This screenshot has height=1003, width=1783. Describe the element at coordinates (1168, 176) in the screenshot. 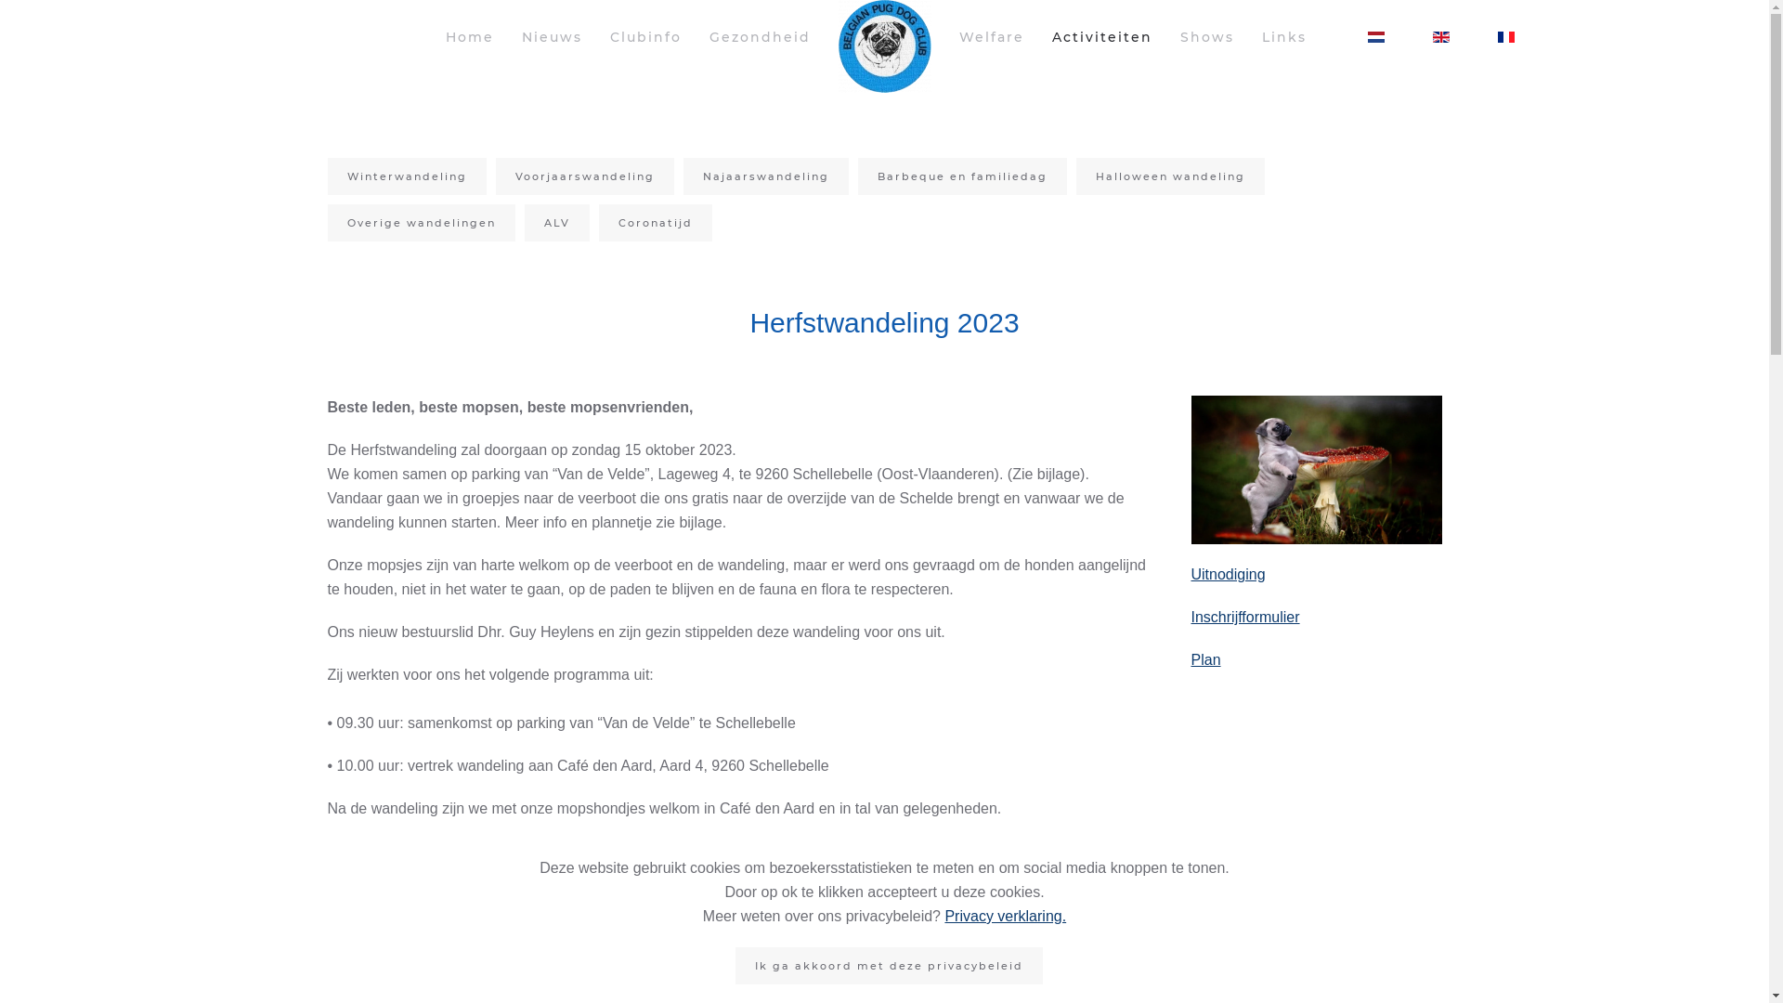

I see `'Halloween wandeling'` at that location.